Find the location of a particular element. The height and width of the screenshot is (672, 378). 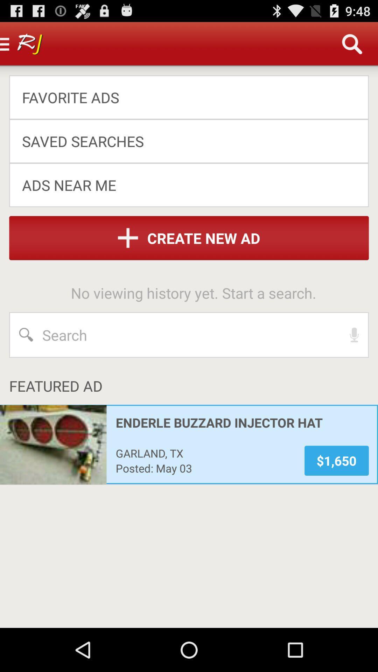

the item above the featured ad icon is located at coordinates (354, 334).